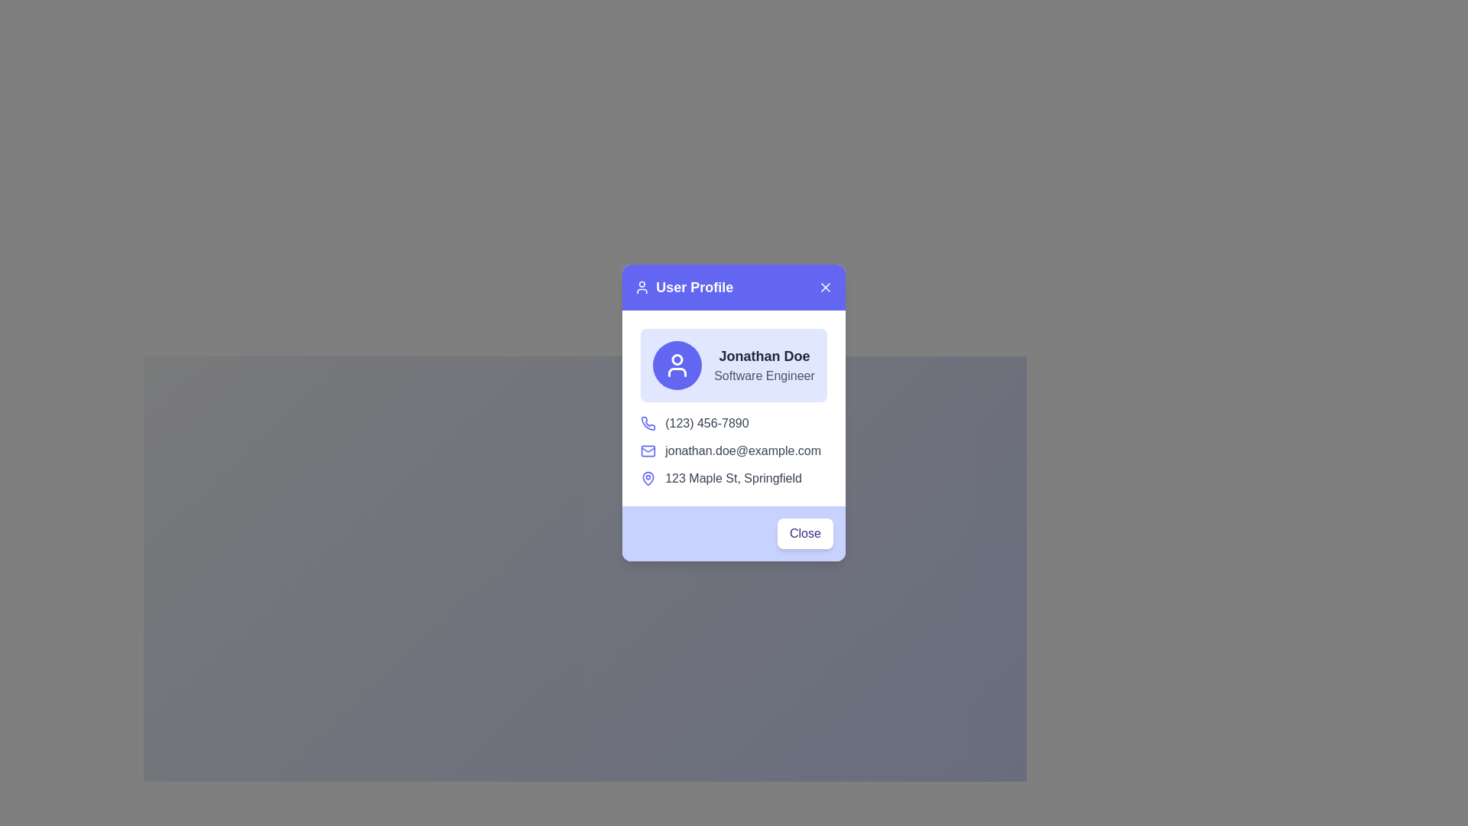 This screenshot has height=826, width=1468. Describe the element at coordinates (824, 287) in the screenshot. I see `the small square button with a purple background and an 'X' icon located at the top-right corner of the 'User Profile' header bar` at that location.